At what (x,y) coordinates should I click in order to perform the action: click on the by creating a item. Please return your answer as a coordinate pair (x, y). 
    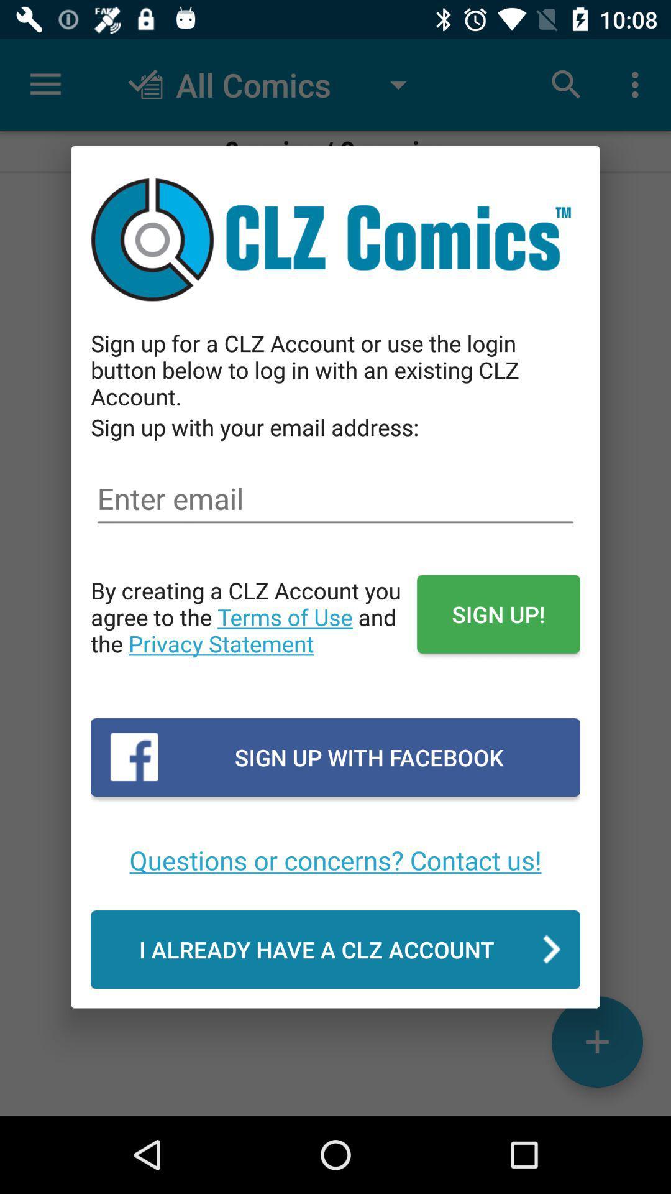
    Looking at the image, I should click on (253, 630).